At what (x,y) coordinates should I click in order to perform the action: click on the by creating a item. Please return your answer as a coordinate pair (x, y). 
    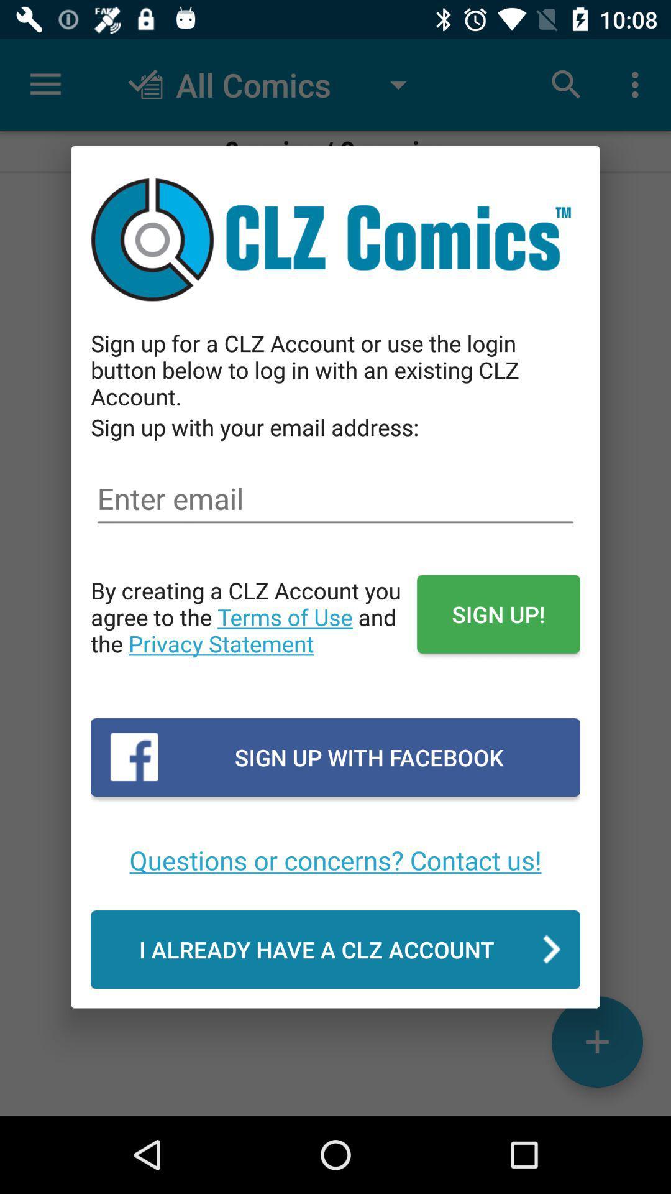
    Looking at the image, I should click on (253, 630).